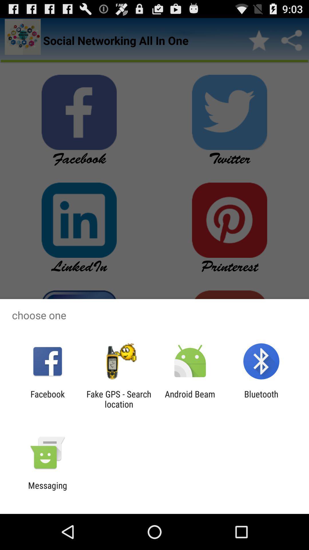 This screenshot has height=550, width=309. I want to click on the app to the left of the fake gps search item, so click(47, 399).